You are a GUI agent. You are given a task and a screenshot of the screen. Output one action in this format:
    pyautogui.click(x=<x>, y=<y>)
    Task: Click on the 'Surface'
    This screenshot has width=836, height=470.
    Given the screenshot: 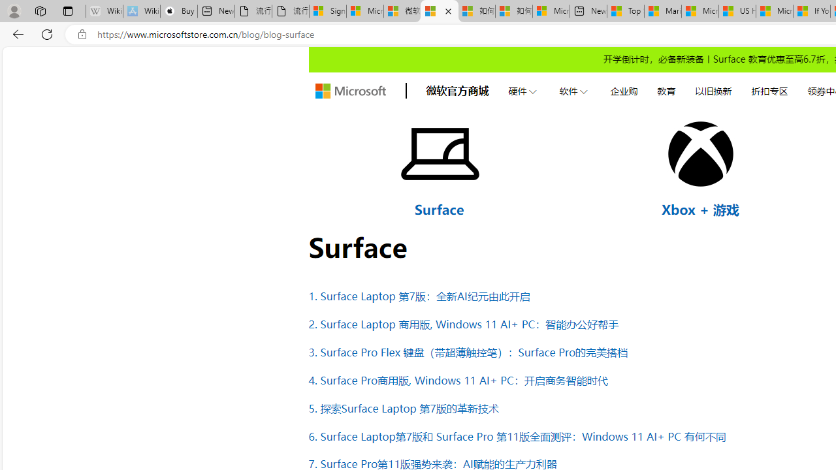 What is the action you would take?
    pyautogui.click(x=439, y=208)
    